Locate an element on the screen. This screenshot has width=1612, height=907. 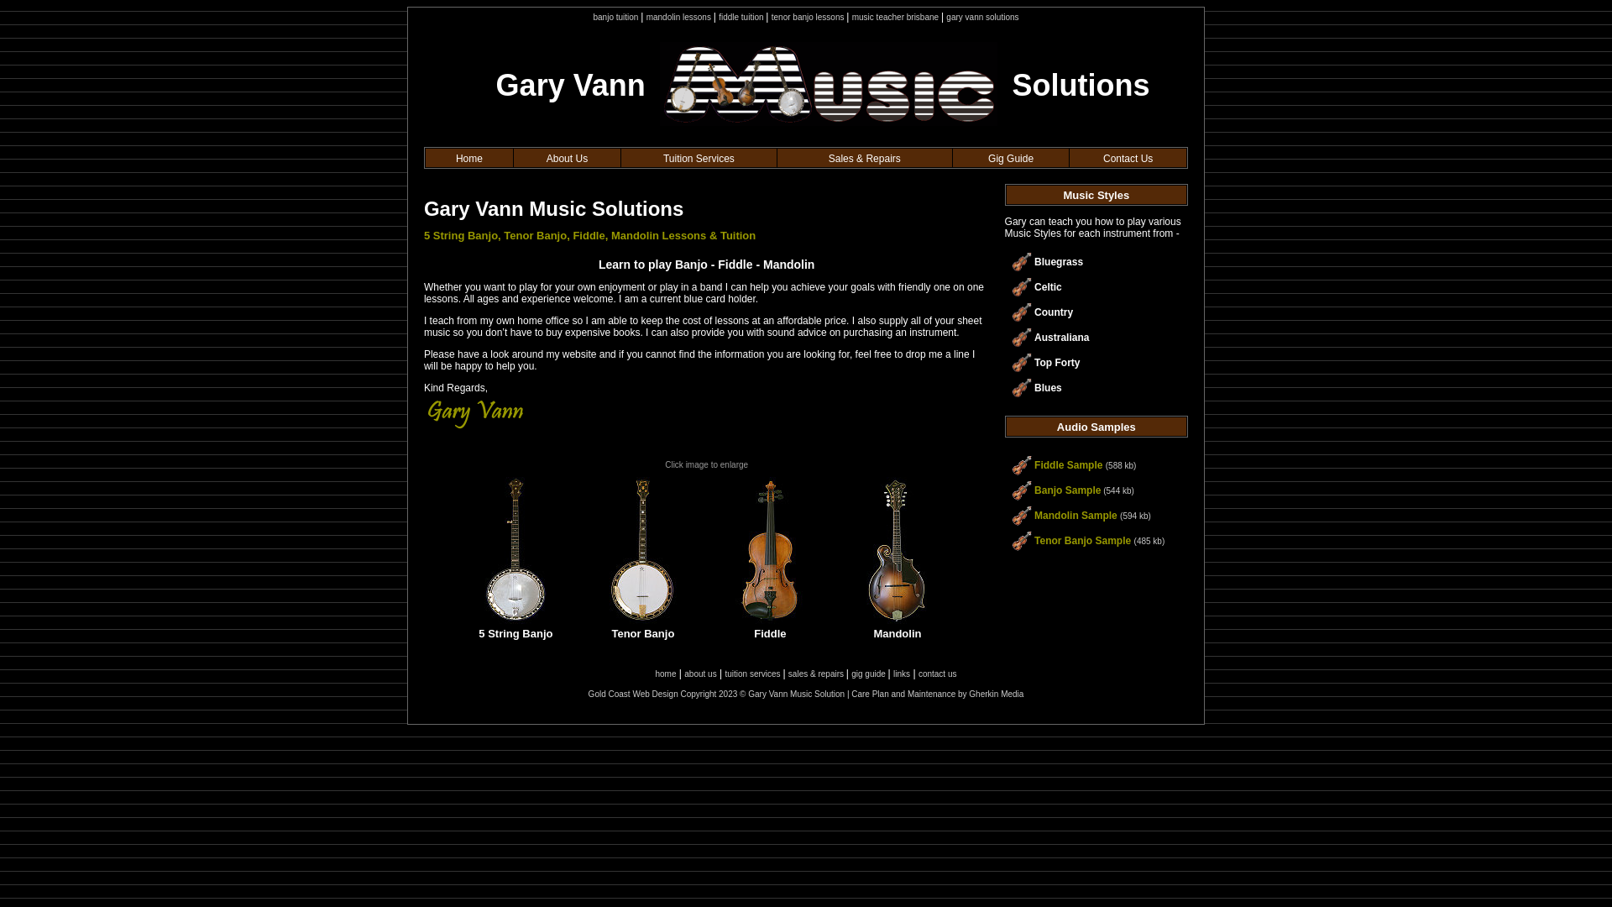
'Home' is located at coordinates (468, 159).